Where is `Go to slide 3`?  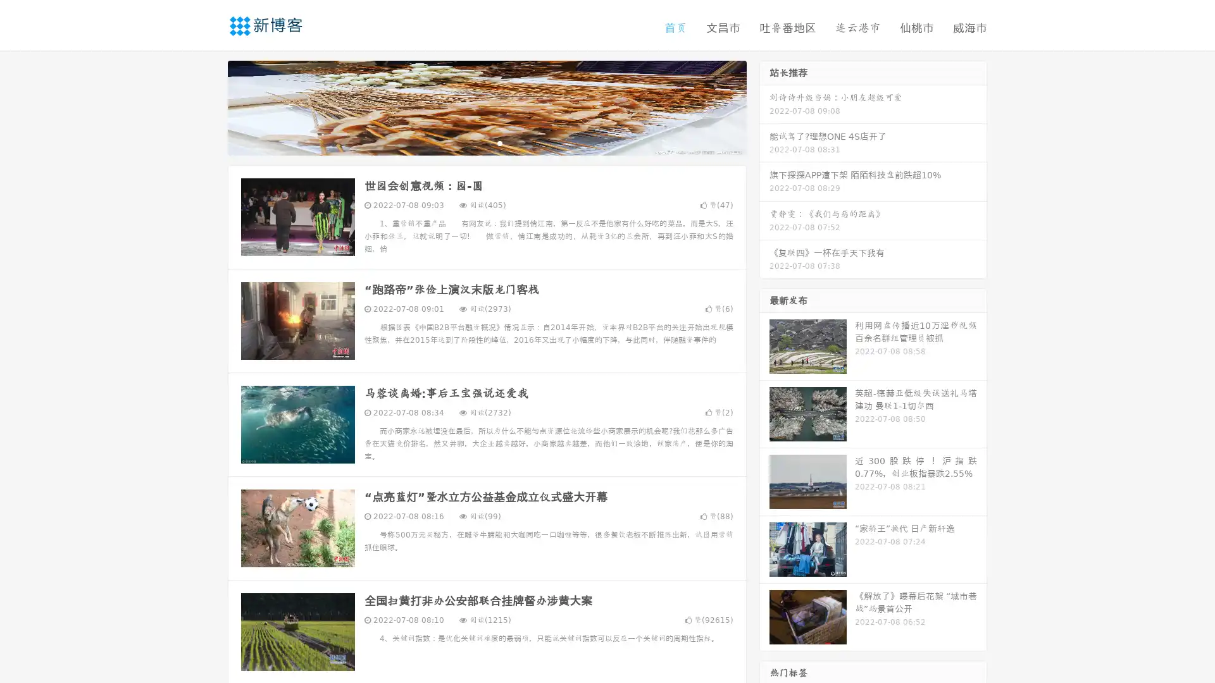
Go to slide 3 is located at coordinates (499, 142).